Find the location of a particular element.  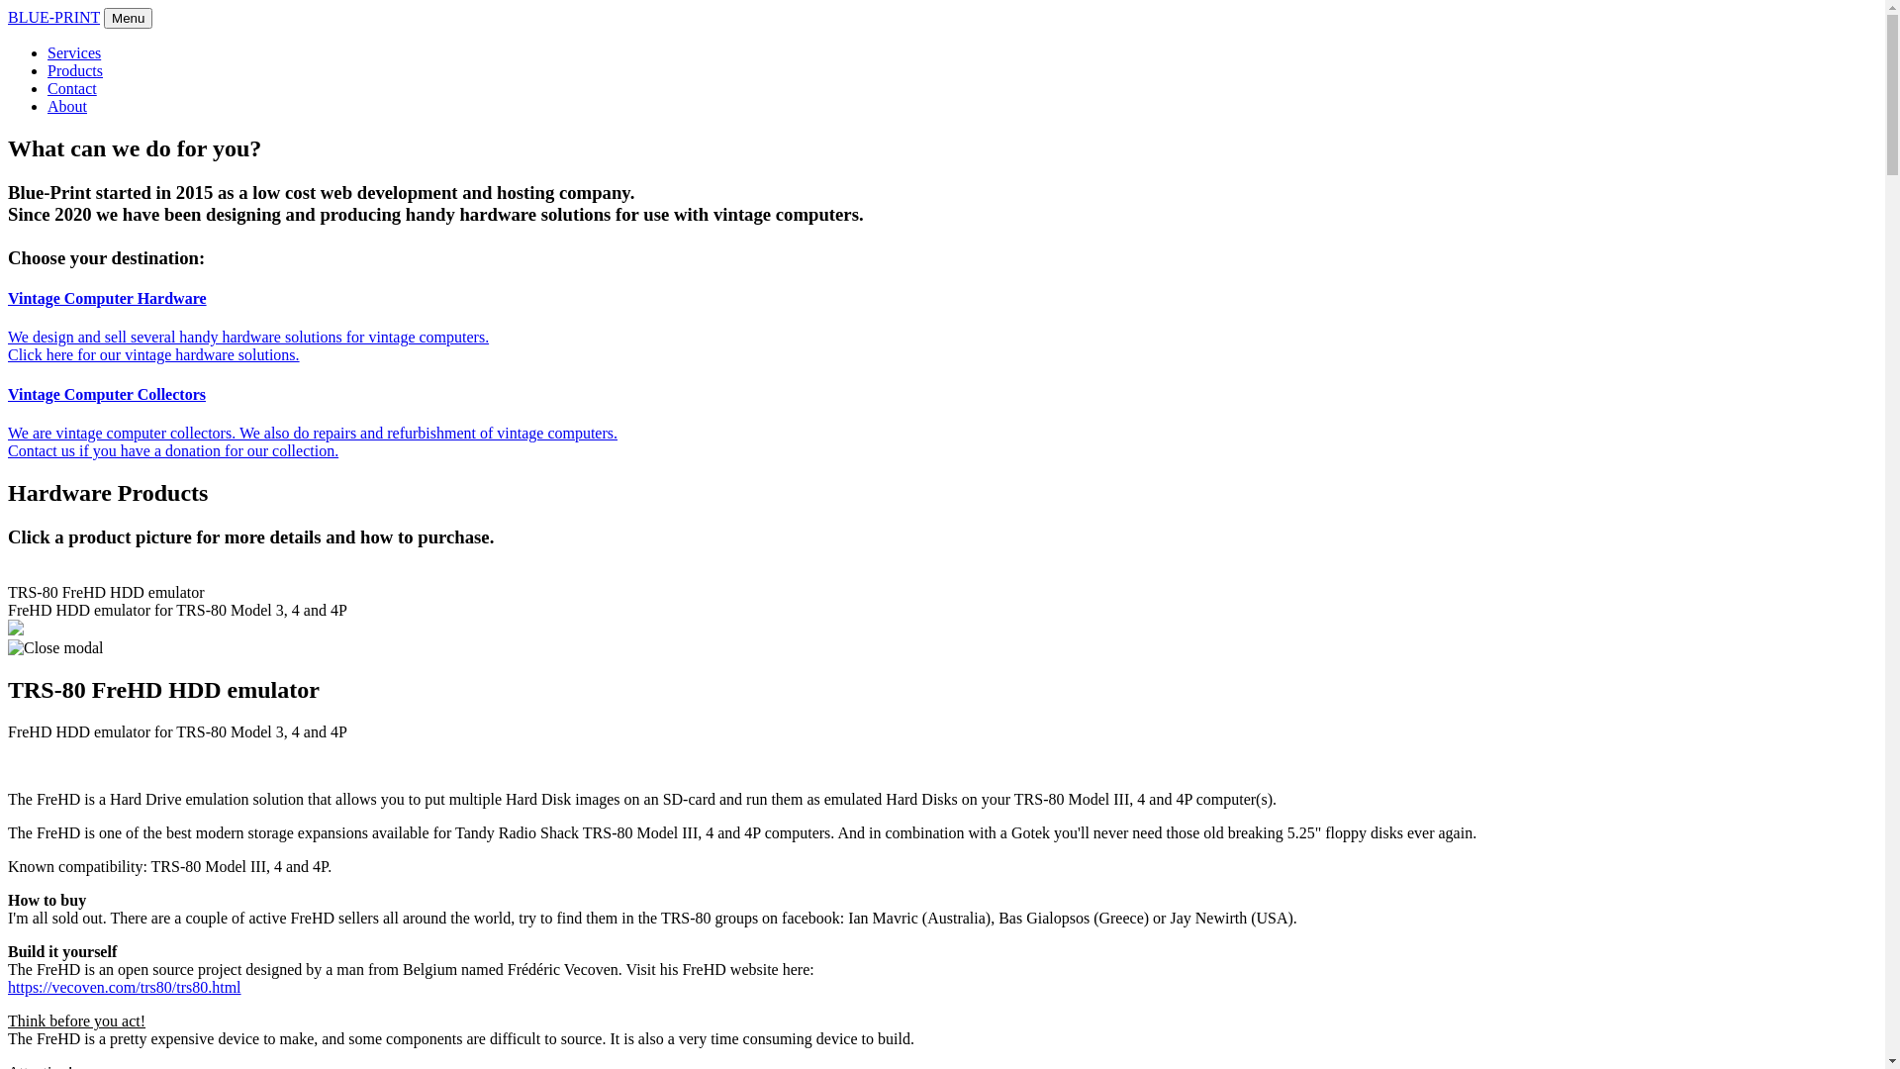

'Contact' is located at coordinates (71, 87).